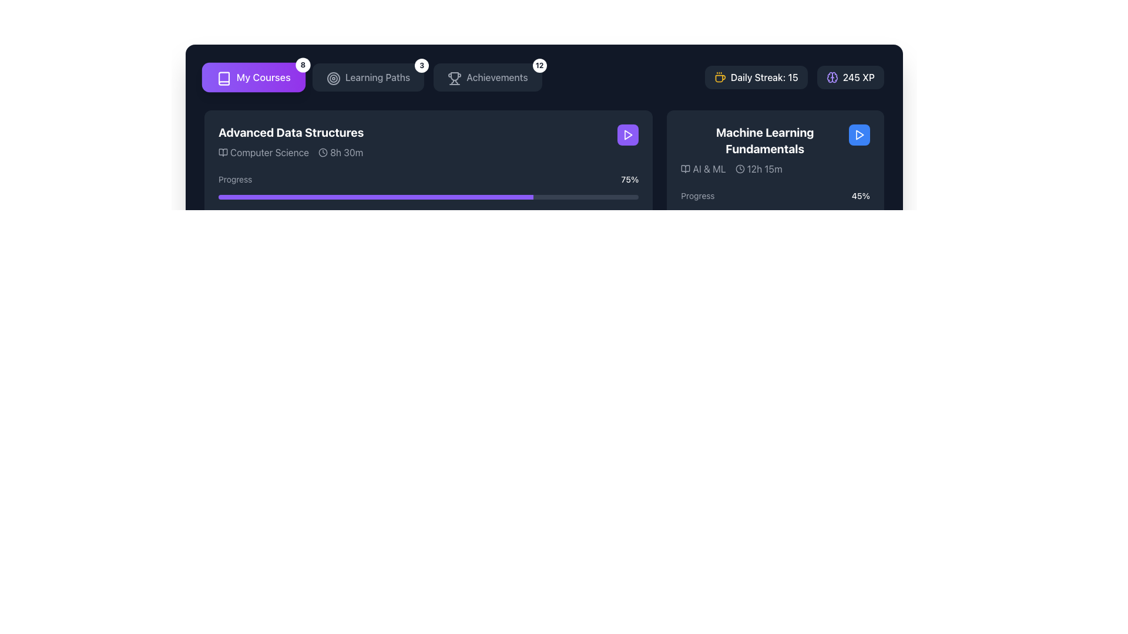 The image size is (1128, 634). What do you see at coordinates (376, 196) in the screenshot?
I see `the progress indicator representing 75% completion of the 'Advanced Data Structures' course within the progress bar structure` at bounding box center [376, 196].